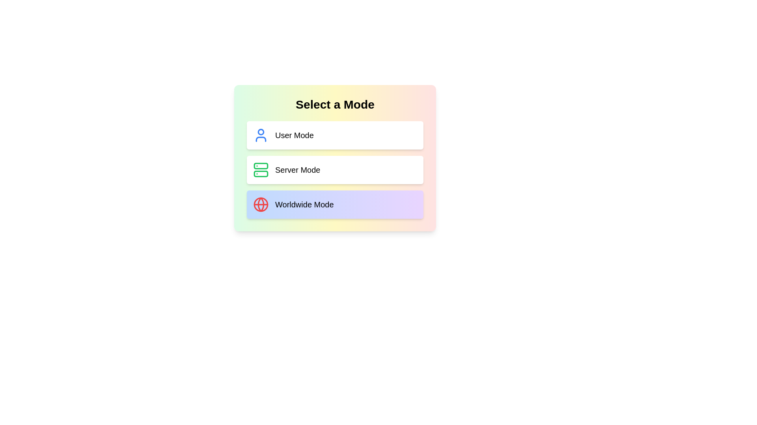  I want to click on the 'User Mode' selectable card in the mode selection interface, so click(335, 135).